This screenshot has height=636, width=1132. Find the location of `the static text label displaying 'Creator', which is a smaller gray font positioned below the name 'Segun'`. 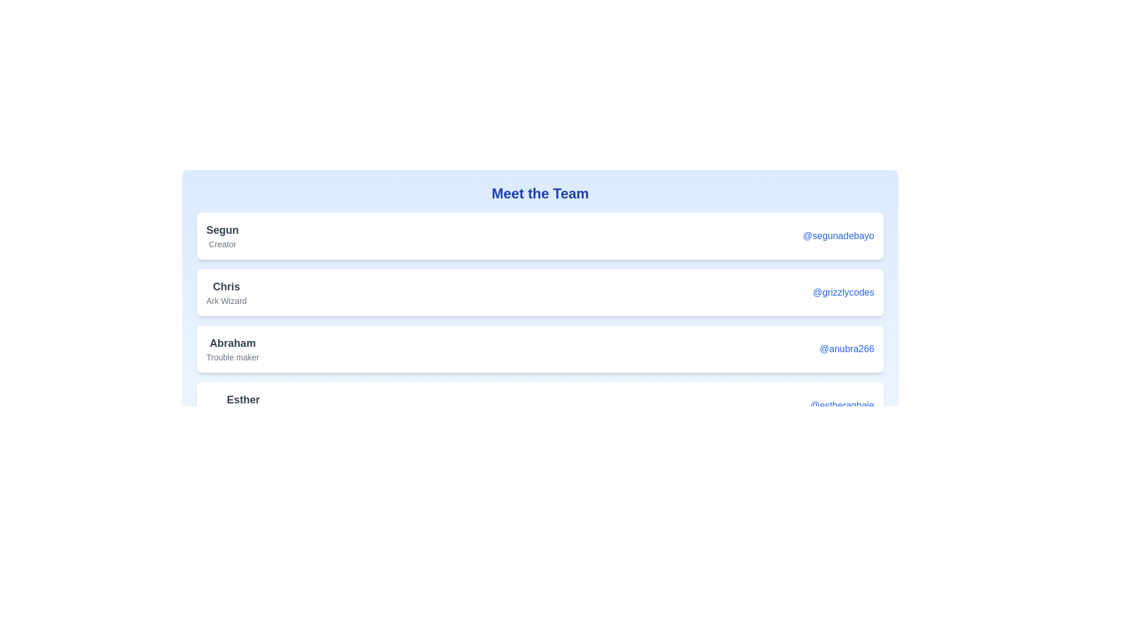

the static text label displaying 'Creator', which is a smaller gray font positioned below the name 'Segun' is located at coordinates (222, 244).